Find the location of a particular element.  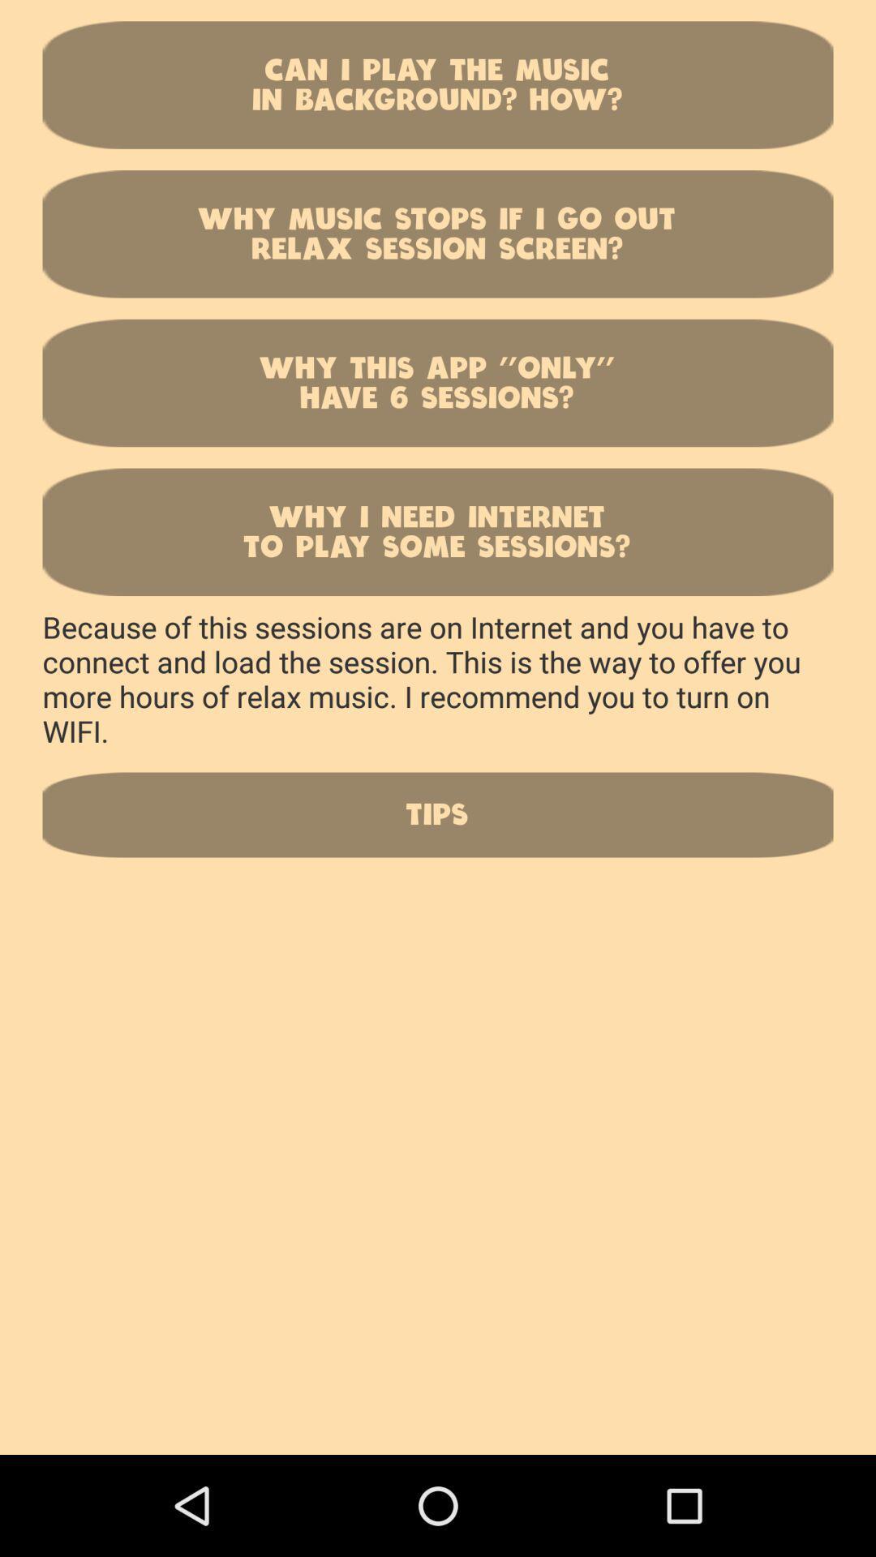

the item below why music stops is located at coordinates (438, 382).